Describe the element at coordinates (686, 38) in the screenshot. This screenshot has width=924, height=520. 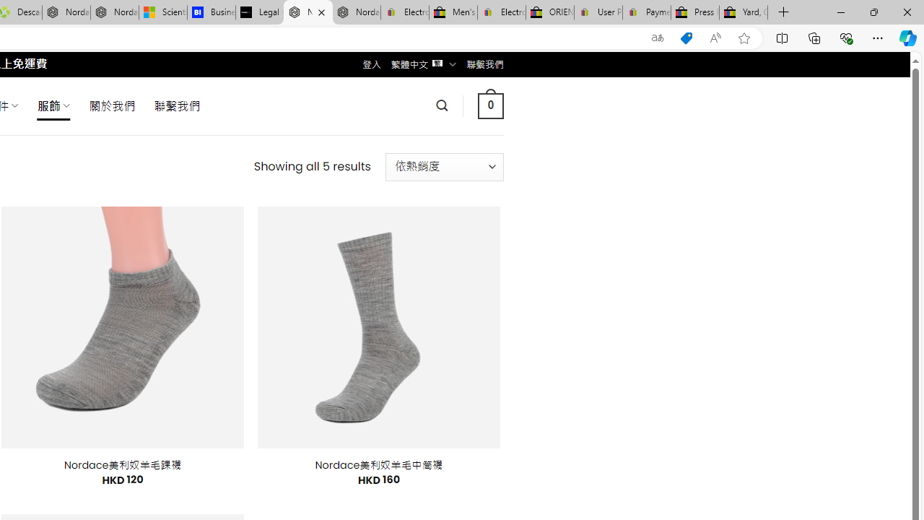
I see `'This site has coupons! Shopping in Microsoft Edge'` at that location.